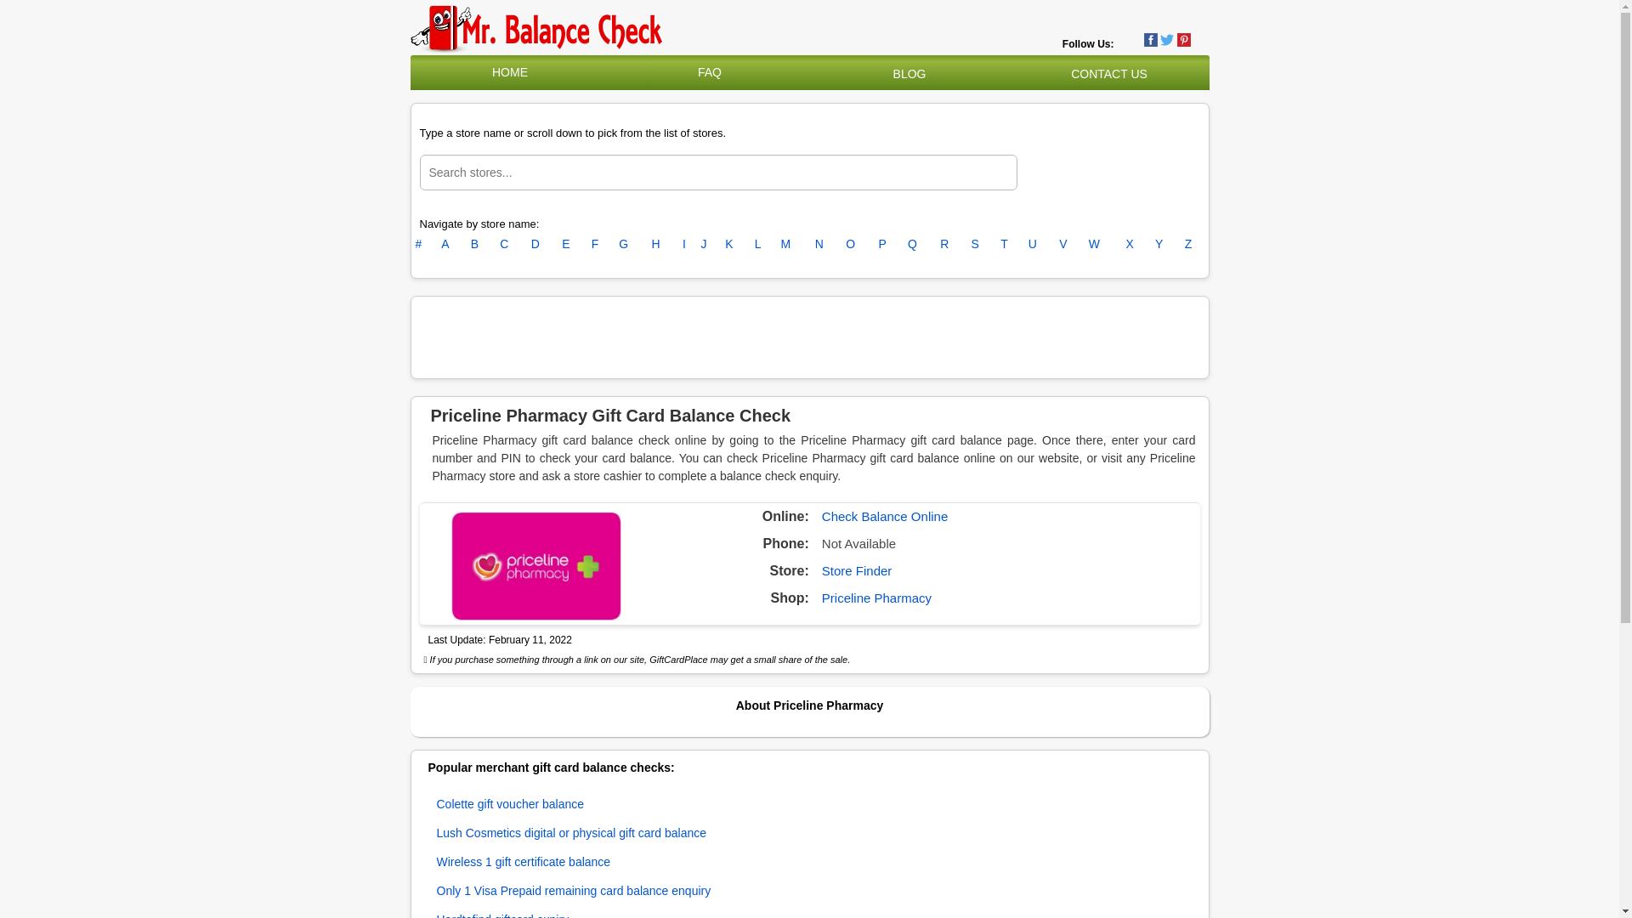 Image resolution: width=1632 pixels, height=918 pixels. Describe the element at coordinates (819, 243) in the screenshot. I see `'N'` at that location.